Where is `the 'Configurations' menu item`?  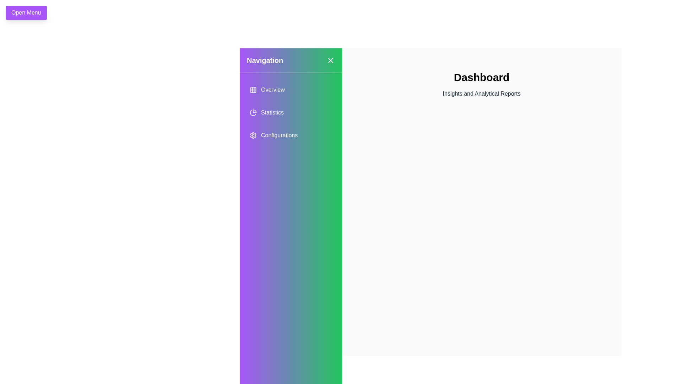
the 'Configurations' menu item is located at coordinates (291, 135).